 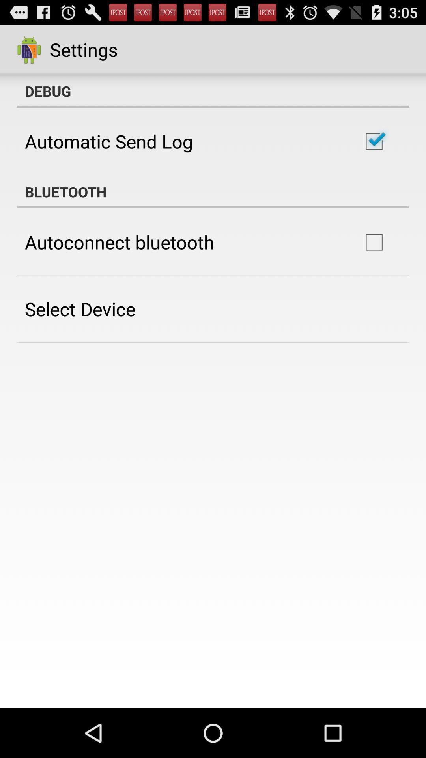 What do you see at coordinates (120, 242) in the screenshot?
I see `the autoconnect bluetooth item` at bounding box center [120, 242].